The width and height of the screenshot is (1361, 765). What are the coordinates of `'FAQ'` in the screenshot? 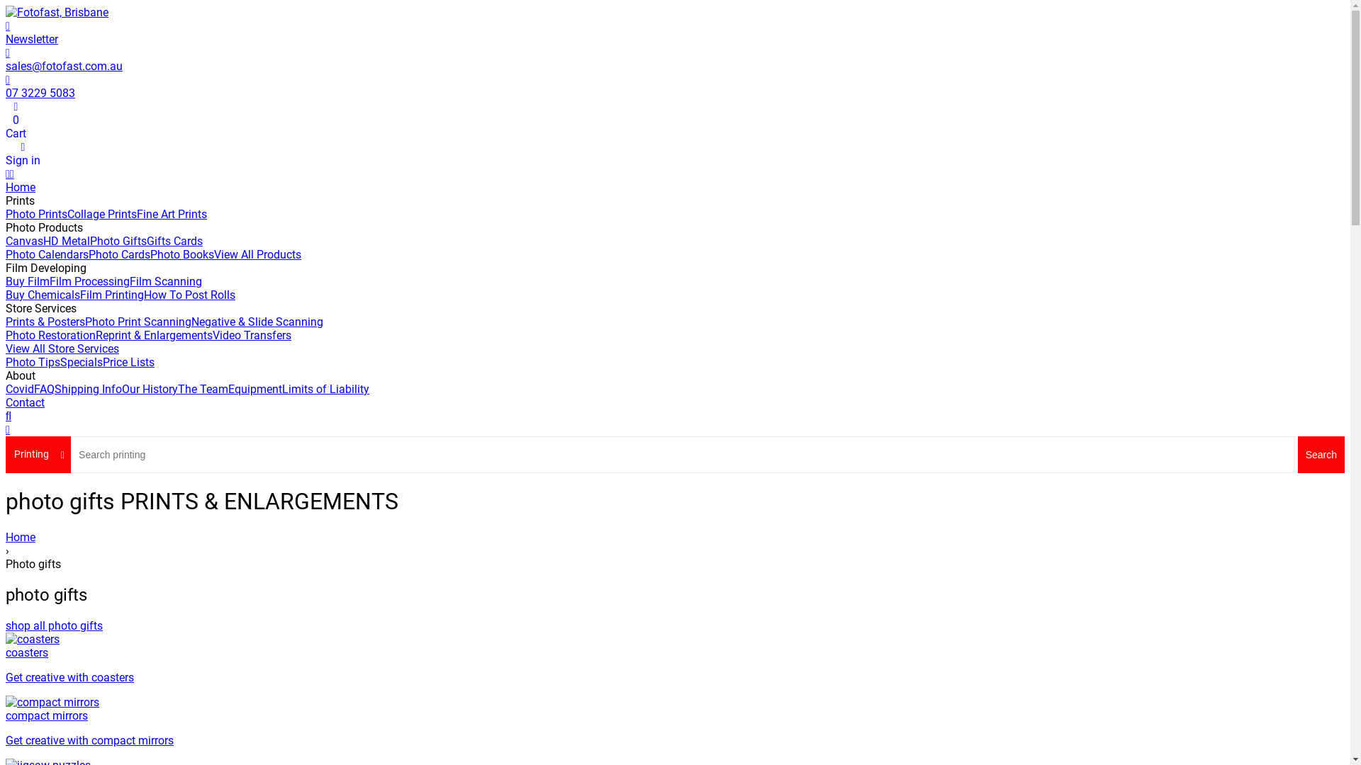 It's located at (44, 389).